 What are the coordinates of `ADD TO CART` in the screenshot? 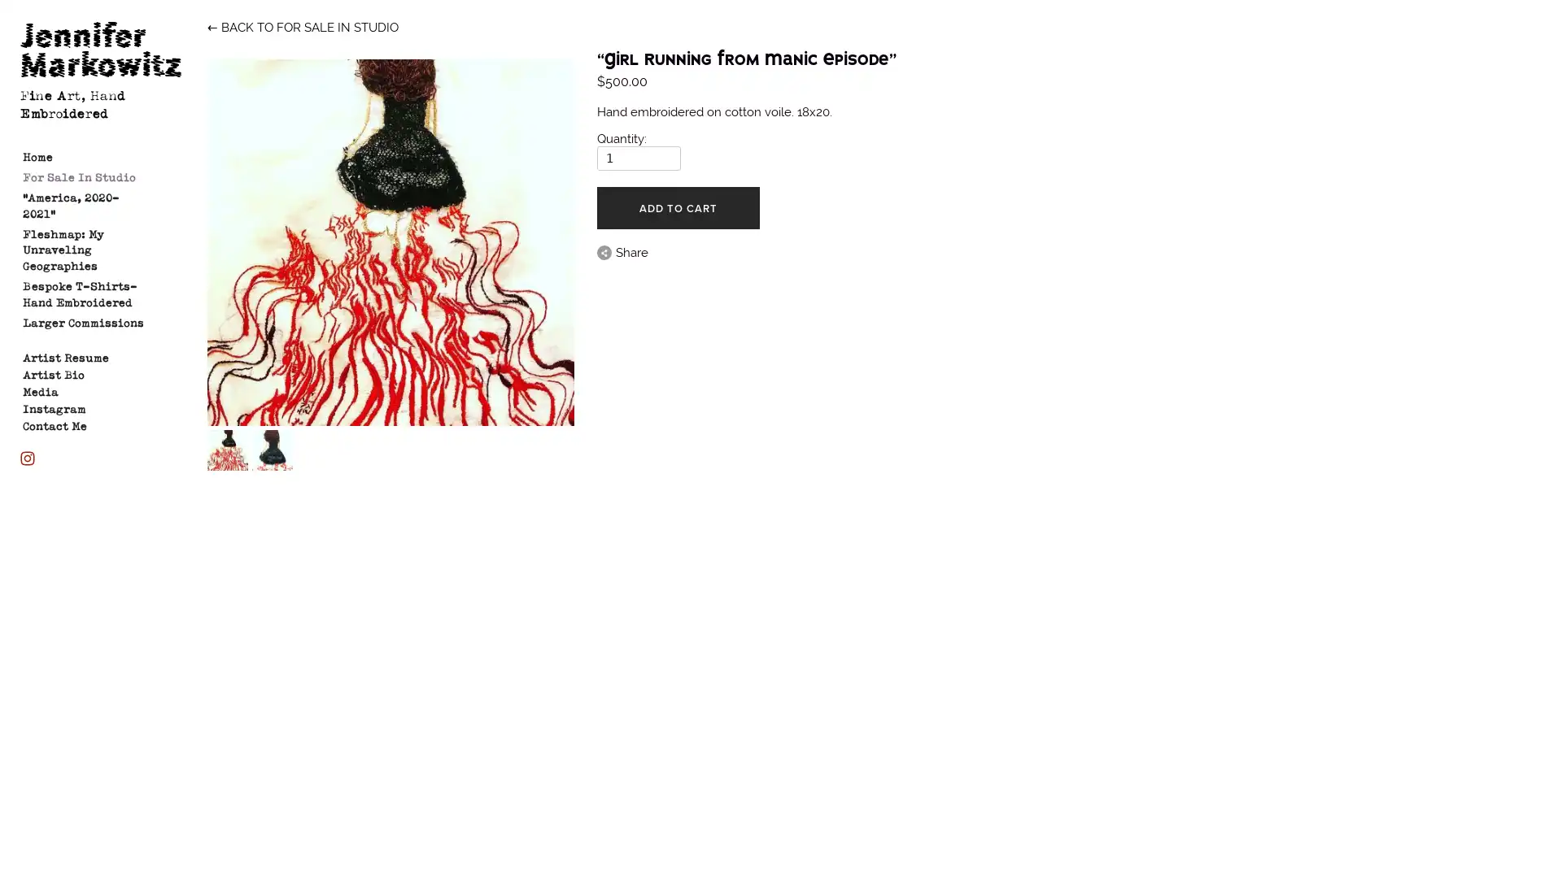 It's located at (678, 206).